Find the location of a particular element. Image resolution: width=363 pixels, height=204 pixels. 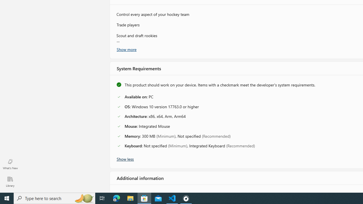

'Show more' is located at coordinates (126, 49).